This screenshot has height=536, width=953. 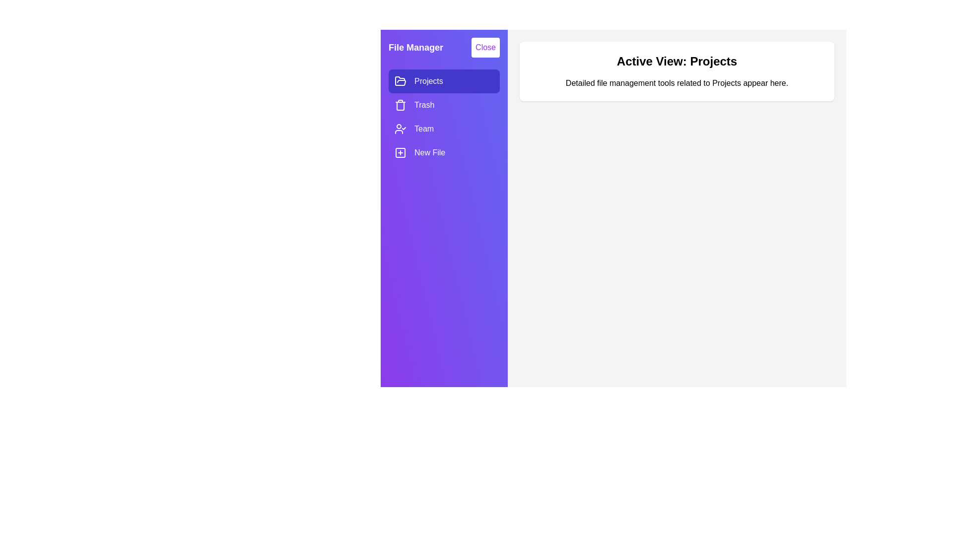 I want to click on the drawer item Projects to observe its hover effect, so click(x=443, y=81).